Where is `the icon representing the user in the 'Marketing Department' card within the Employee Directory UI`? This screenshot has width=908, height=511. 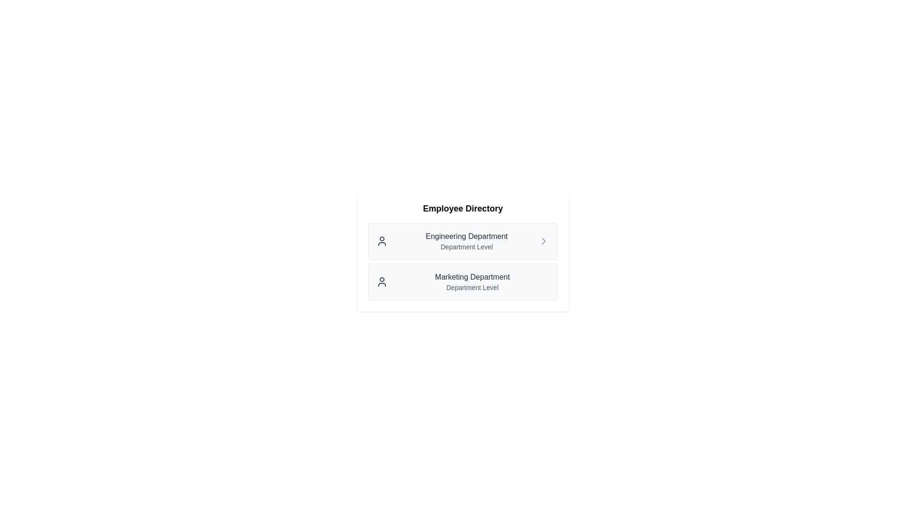 the icon representing the user in the 'Marketing Department' card within the Employee Directory UI is located at coordinates (382, 282).